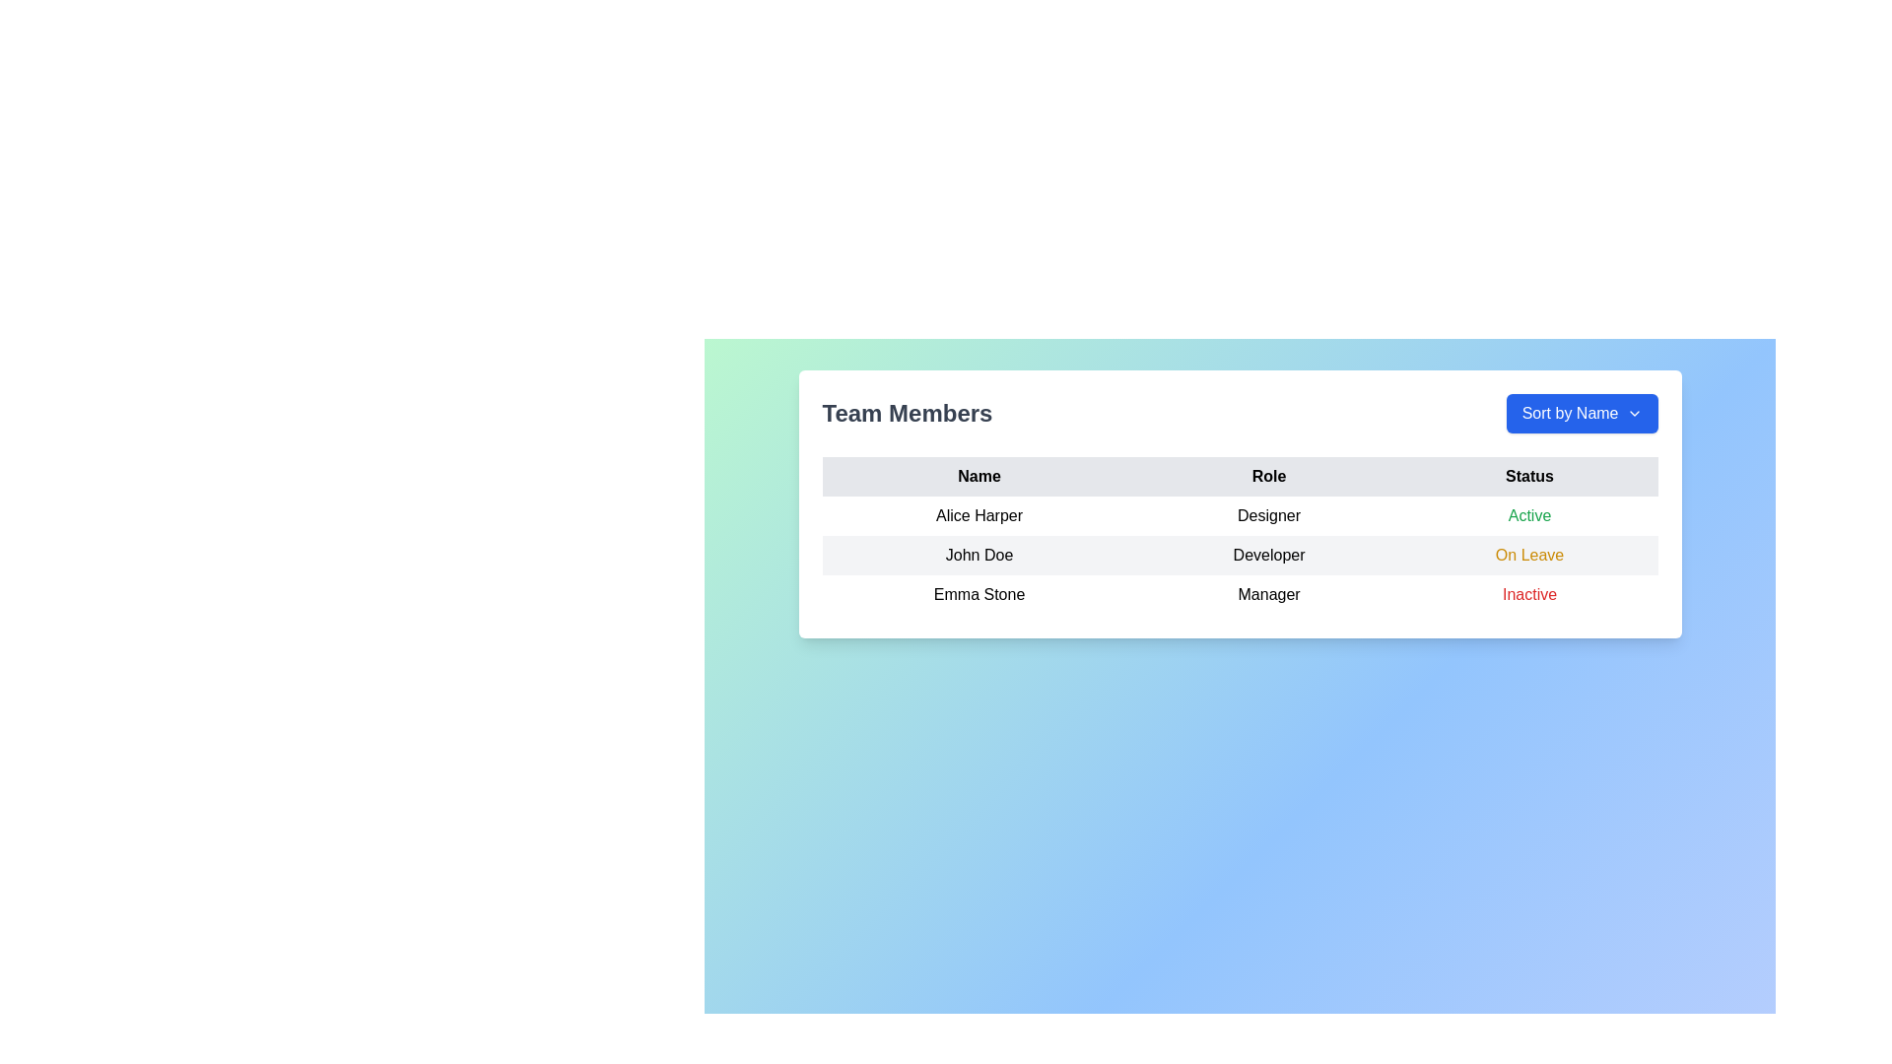  I want to click on text label indicating the job role 'Developer' for the table entry corresponding to 'John Doe', so click(1269, 555).